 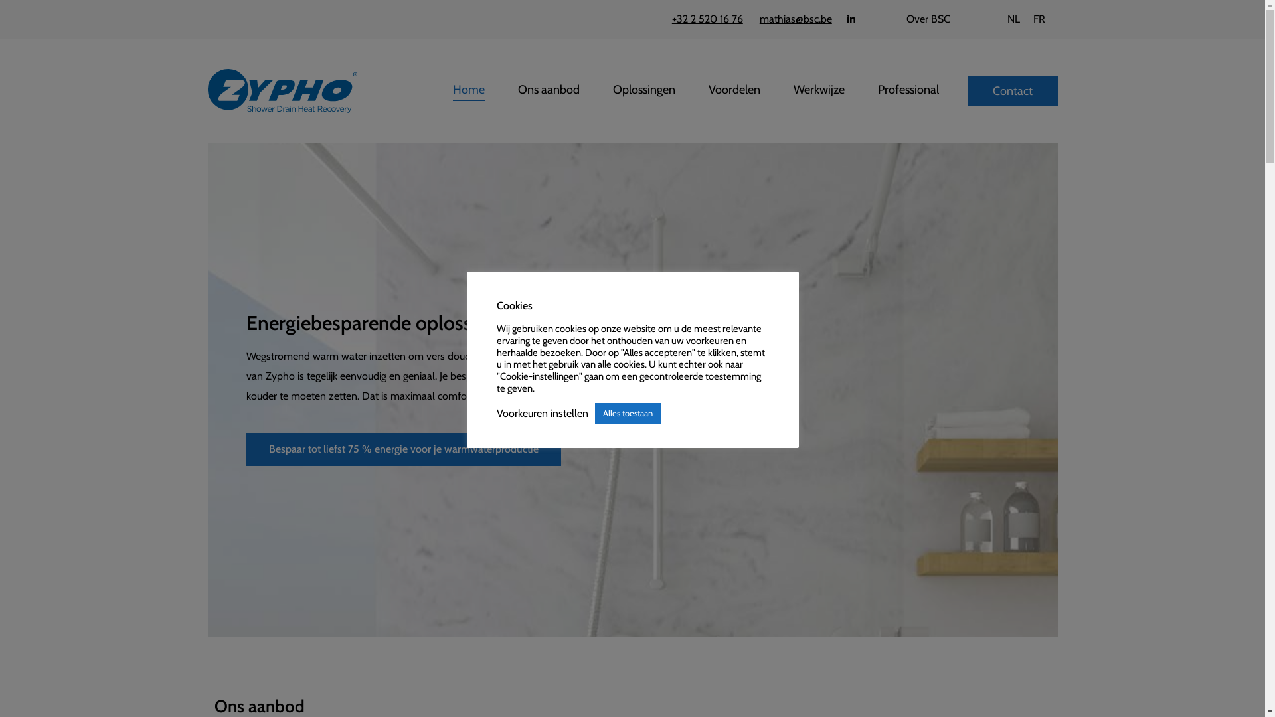 What do you see at coordinates (818, 90) in the screenshot?
I see `'Werkwijze'` at bounding box center [818, 90].